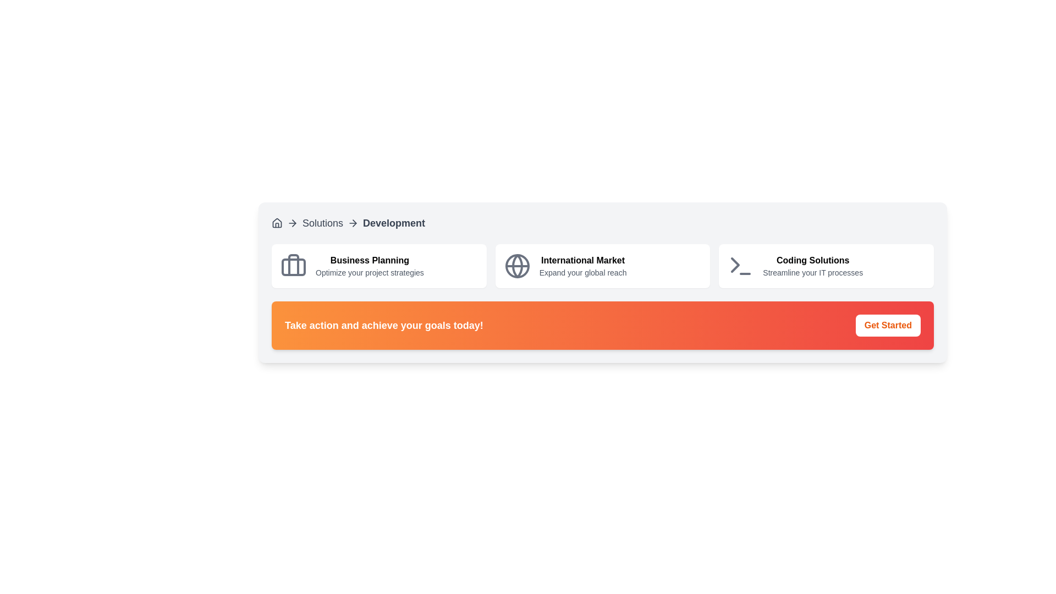 Image resolution: width=1056 pixels, height=594 pixels. I want to click on the breadcrumb navigation icon located between 'Solutions' and 'Development' to indicate progression in the navigation hierarchy, so click(294, 223).